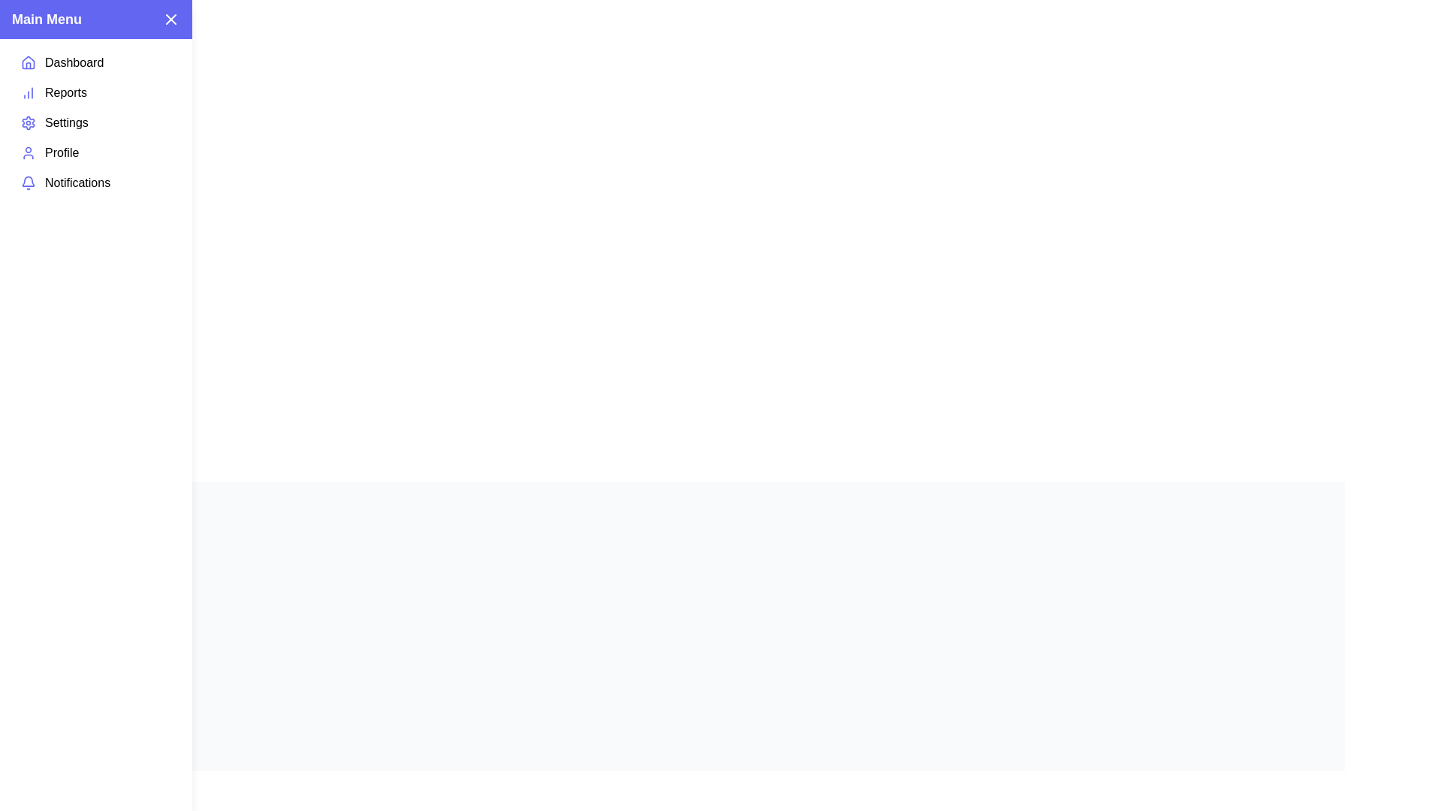 The height and width of the screenshot is (811, 1442). I want to click on the 'Main Menu' text label, which is displayed in bold white font on a purple background at the top of the sidebar navigation bar, so click(47, 20).